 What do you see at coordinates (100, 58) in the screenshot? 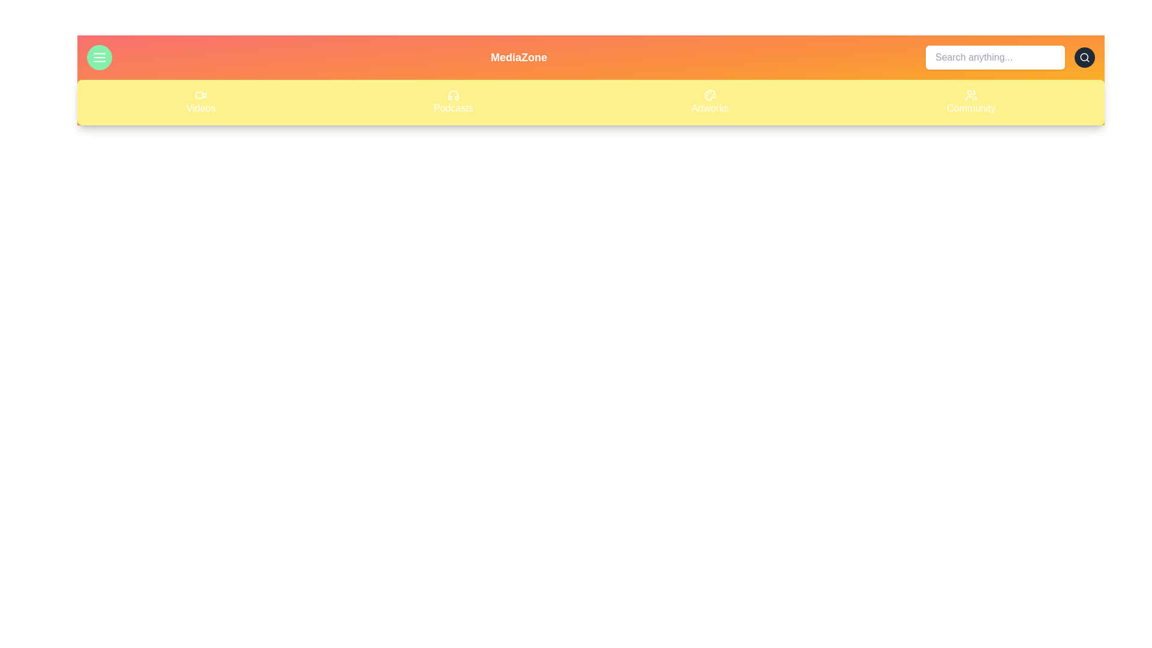
I see `menu toggle button to toggle the menu visibility` at bounding box center [100, 58].